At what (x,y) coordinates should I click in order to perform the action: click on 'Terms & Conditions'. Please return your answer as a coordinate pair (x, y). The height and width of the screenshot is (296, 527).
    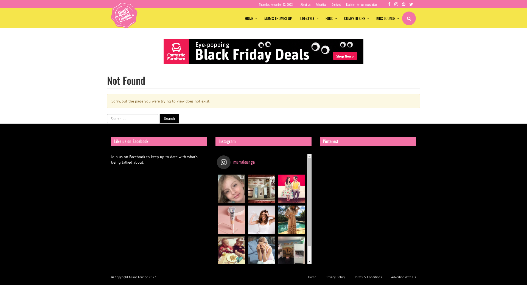
    Looking at the image, I should click on (350, 277).